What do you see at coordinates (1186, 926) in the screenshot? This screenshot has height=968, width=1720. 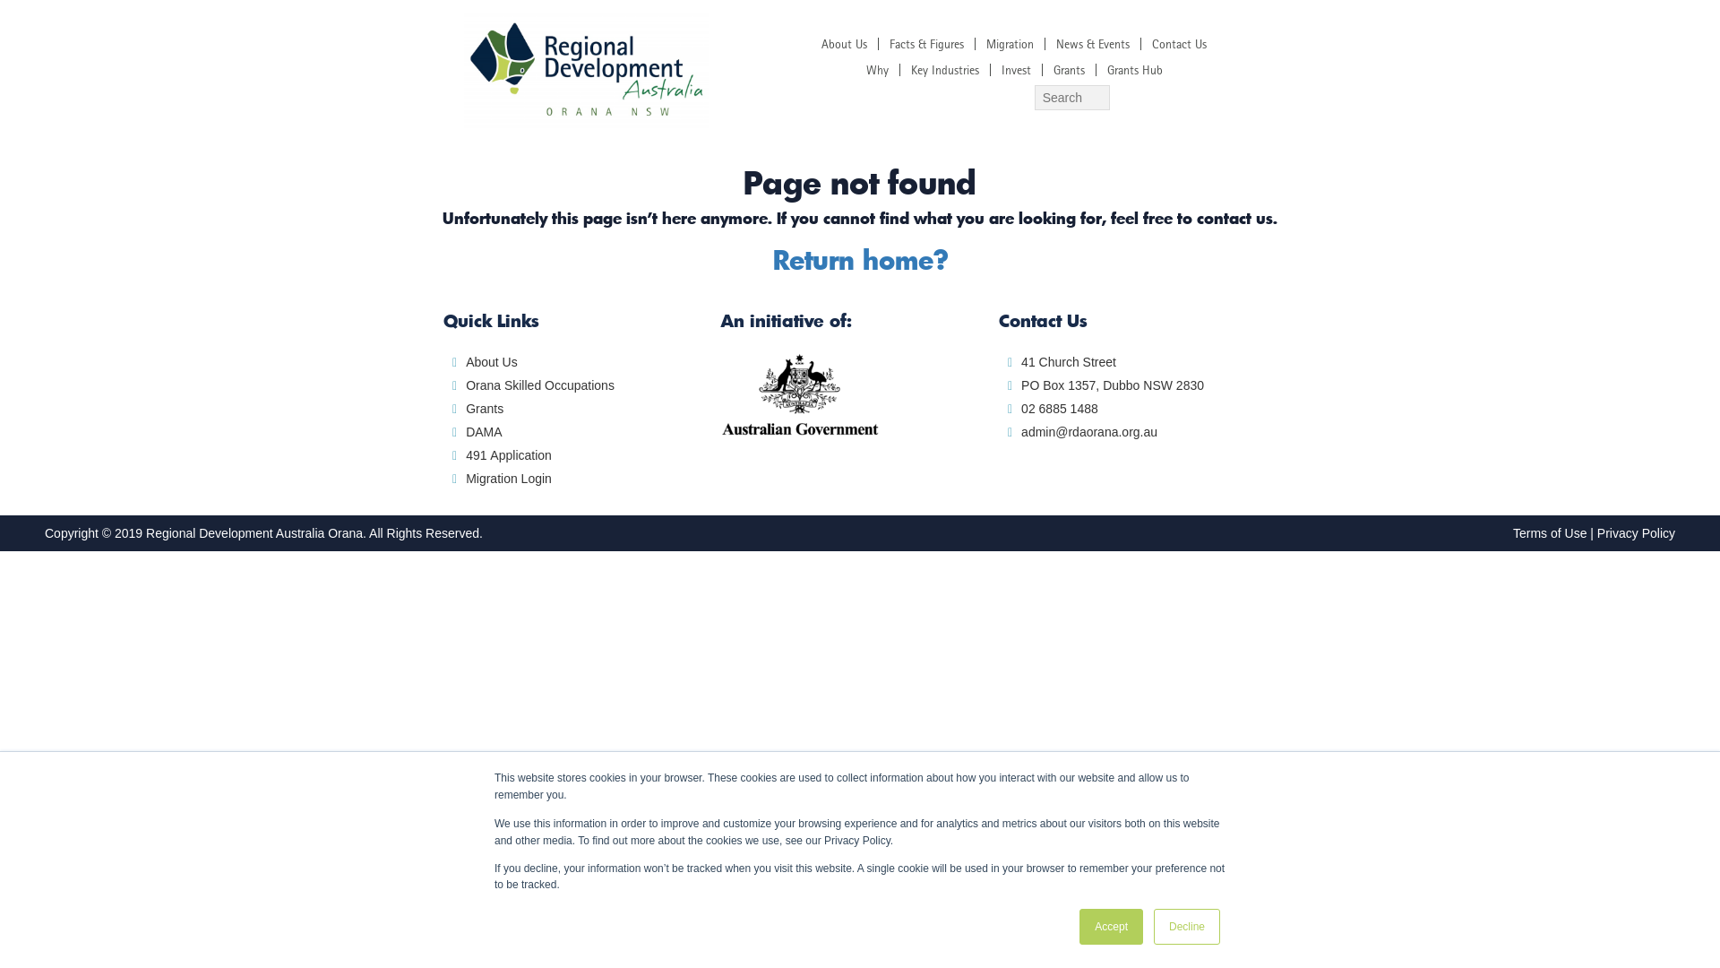 I see `'Decline'` at bounding box center [1186, 926].